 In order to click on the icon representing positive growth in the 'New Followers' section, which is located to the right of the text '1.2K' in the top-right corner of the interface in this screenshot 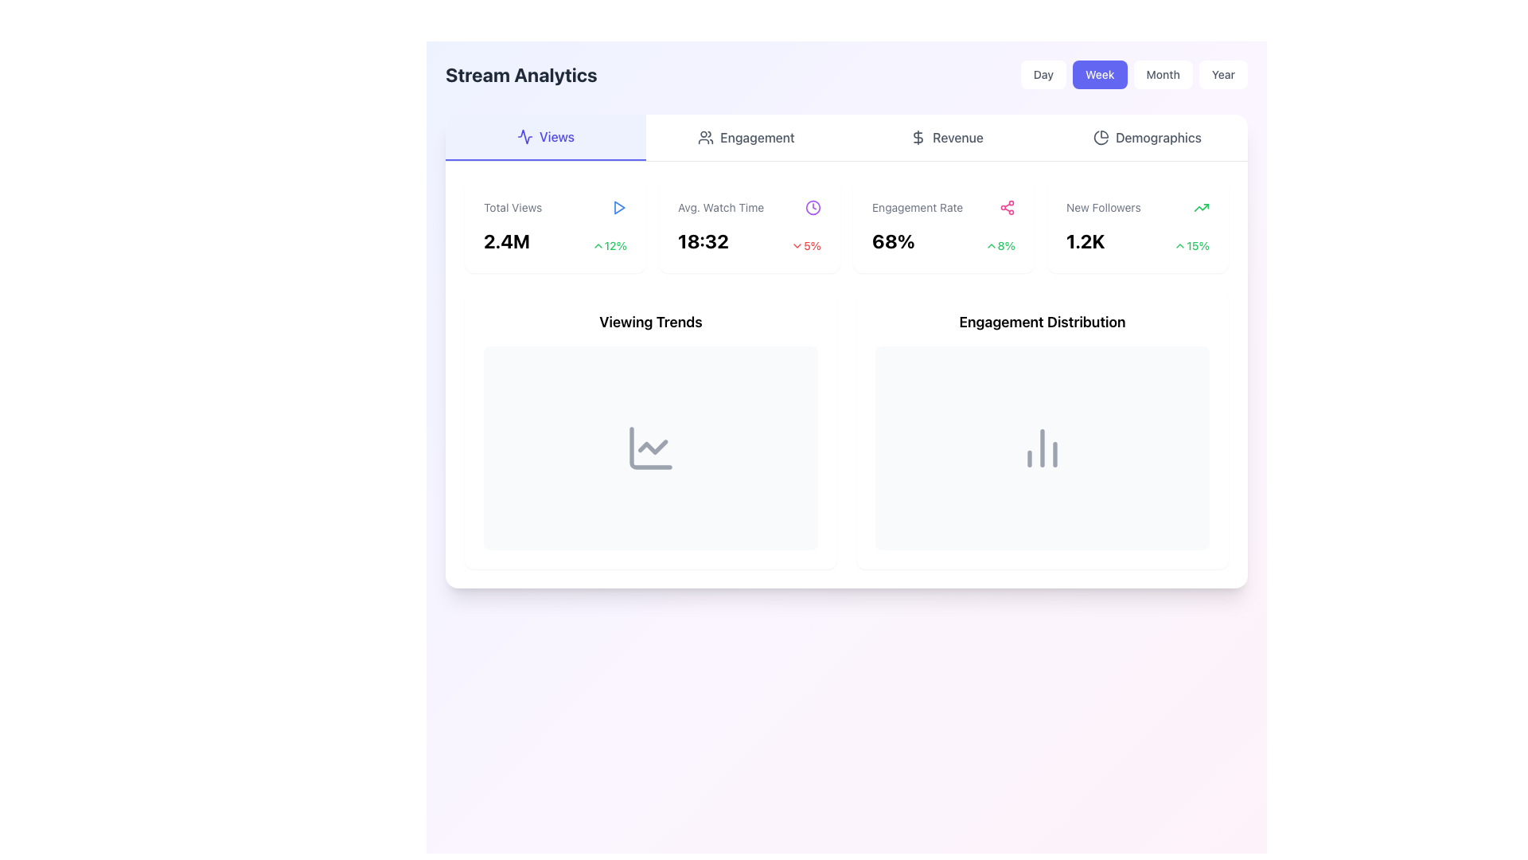, I will do `click(1202, 207)`.